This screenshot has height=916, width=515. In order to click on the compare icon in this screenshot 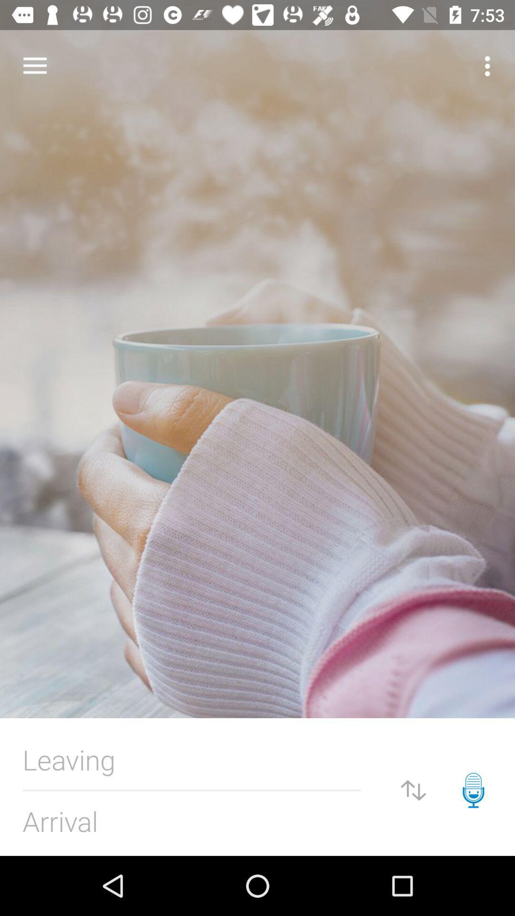, I will do `click(413, 790)`.